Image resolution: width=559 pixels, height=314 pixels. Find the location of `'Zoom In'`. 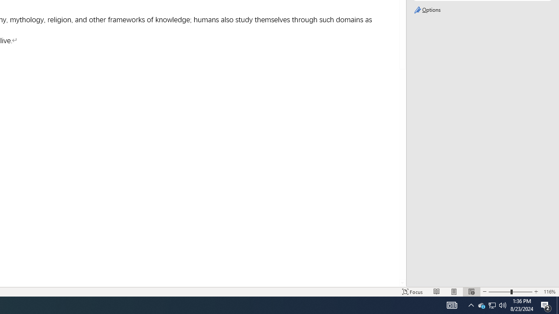

'Zoom In' is located at coordinates (535, 292).